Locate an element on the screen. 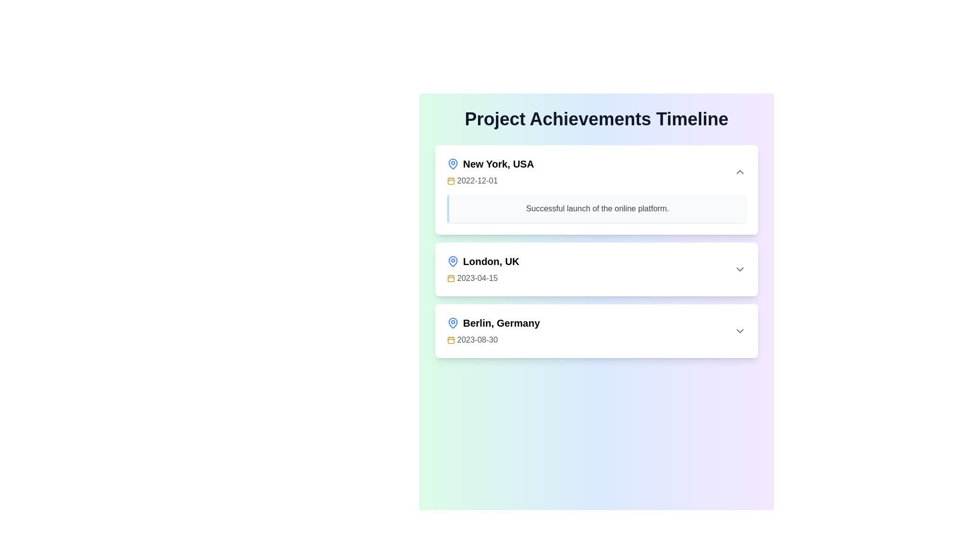  the chevron icon button on the rightmost side of the row labeled 'Berlin, Germany 2023-08-30' is located at coordinates (740, 331).